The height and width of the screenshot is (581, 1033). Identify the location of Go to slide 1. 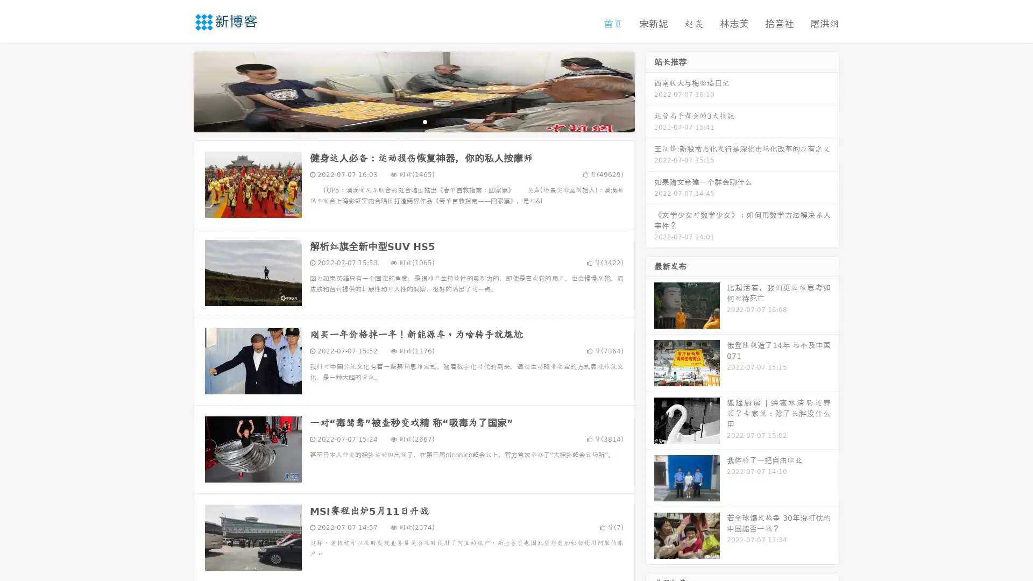
(402, 121).